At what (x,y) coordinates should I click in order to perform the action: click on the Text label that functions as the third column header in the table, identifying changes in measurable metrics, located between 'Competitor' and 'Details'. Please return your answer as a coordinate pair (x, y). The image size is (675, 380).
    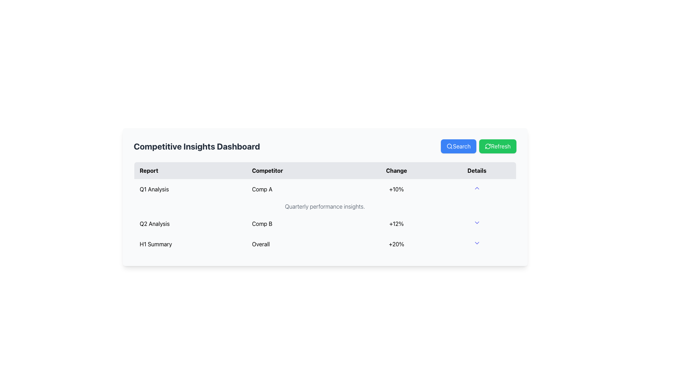
    Looking at the image, I should click on (397, 170).